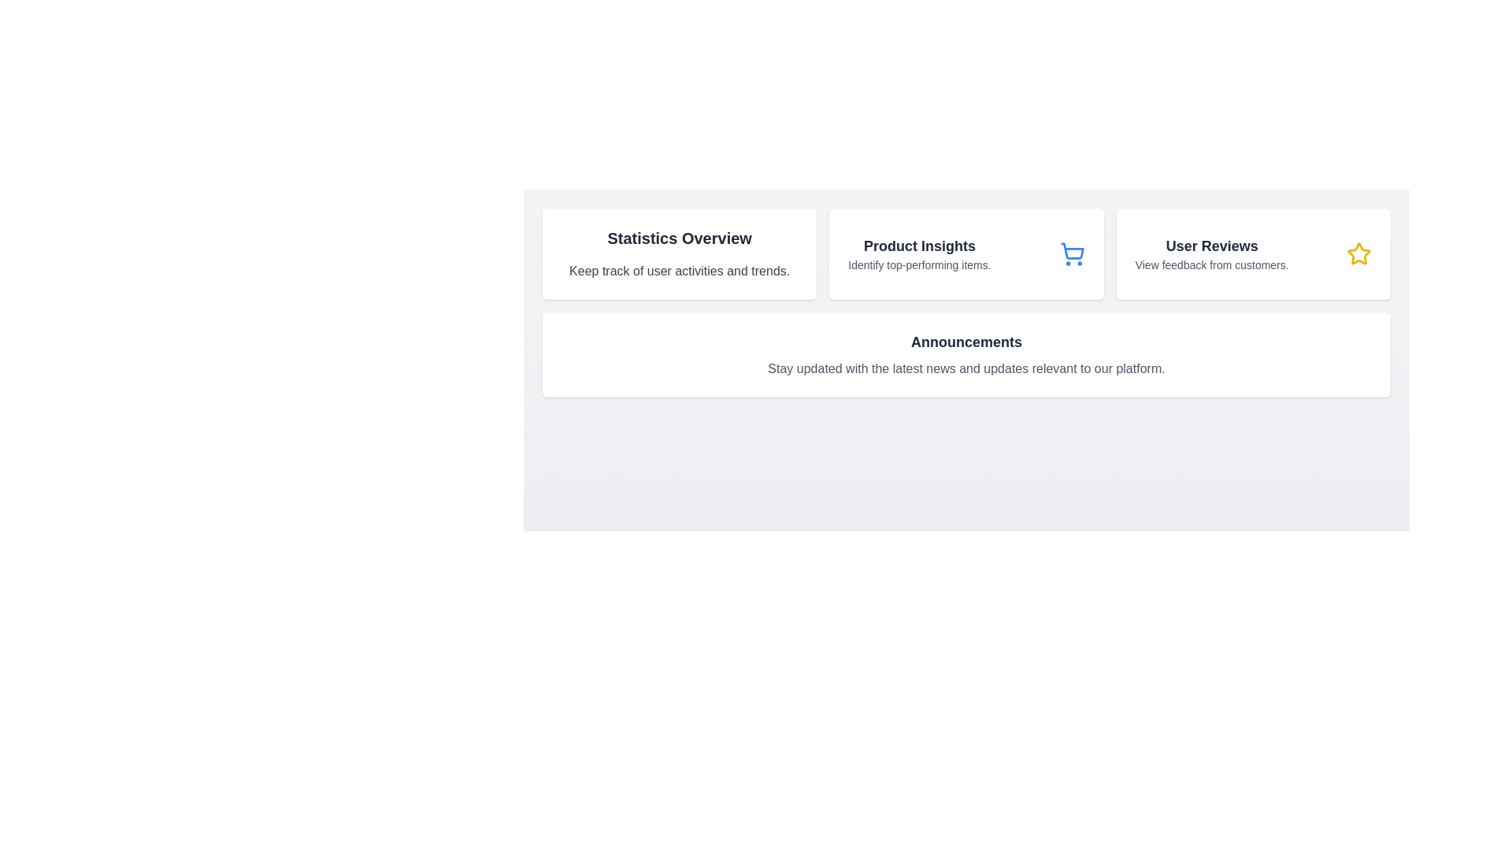 Image resolution: width=1512 pixels, height=850 pixels. What do you see at coordinates (1071, 253) in the screenshot?
I see `the shopping cart icon located at the top-right corner of the 'Product Insights' section, which indicates actions related to managing a shopping cart` at bounding box center [1071, 253].